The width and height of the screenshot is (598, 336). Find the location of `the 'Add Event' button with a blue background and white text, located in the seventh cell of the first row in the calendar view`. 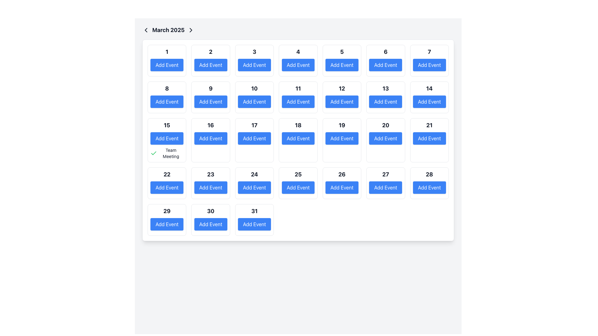

the 'Add Event' button with a blue background and white text, located in the seventh cell of the first row in the calendar view is located at coordinates (429, 61).